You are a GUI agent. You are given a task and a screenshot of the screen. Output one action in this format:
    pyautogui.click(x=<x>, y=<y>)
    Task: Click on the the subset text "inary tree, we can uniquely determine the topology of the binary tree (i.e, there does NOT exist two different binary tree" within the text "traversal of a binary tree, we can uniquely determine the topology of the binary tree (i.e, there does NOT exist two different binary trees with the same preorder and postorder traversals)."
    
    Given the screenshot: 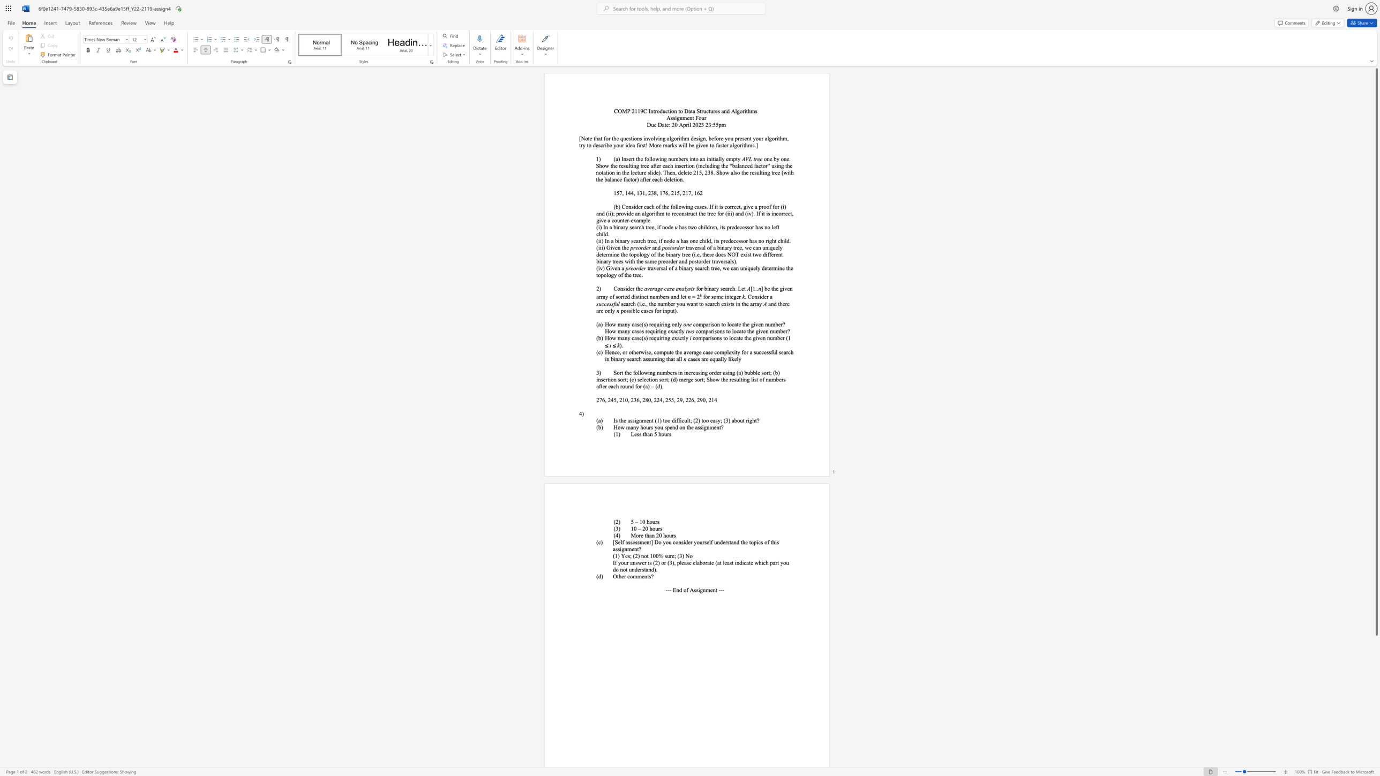 What is the action you would take?
    pyautogui.click(x=719, y=247)
    